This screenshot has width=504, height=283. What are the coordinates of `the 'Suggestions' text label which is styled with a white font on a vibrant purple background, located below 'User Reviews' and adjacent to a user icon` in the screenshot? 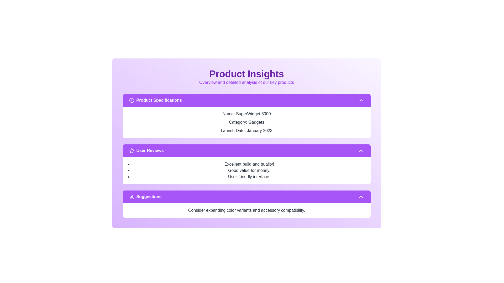 It's located at (149, 197).